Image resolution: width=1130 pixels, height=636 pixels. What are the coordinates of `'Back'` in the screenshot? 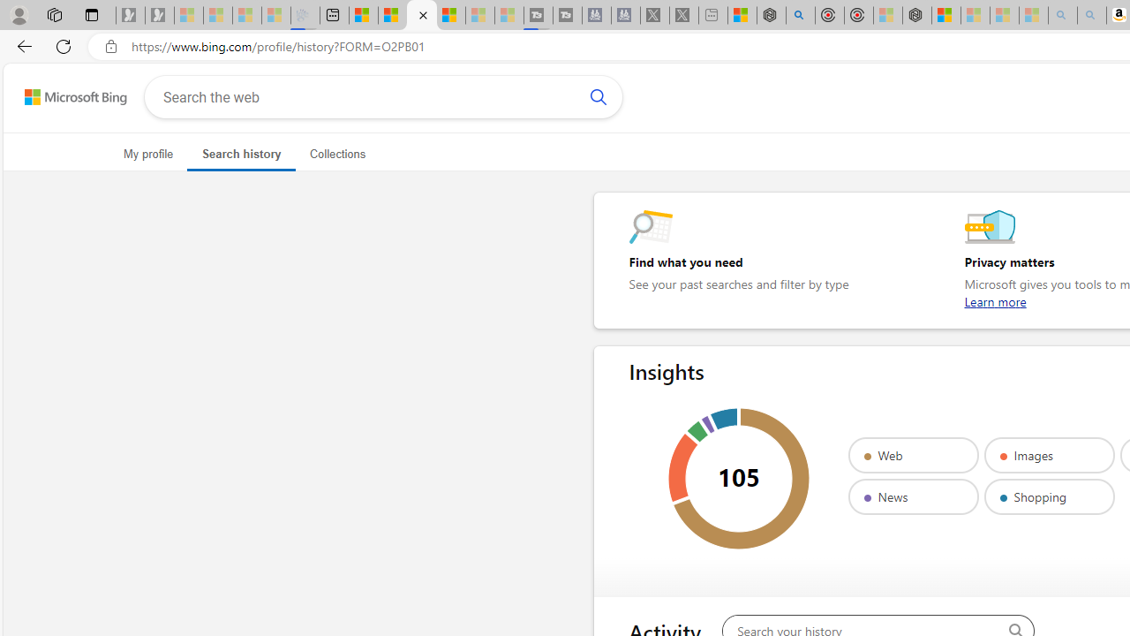 It's located at (21, 45).